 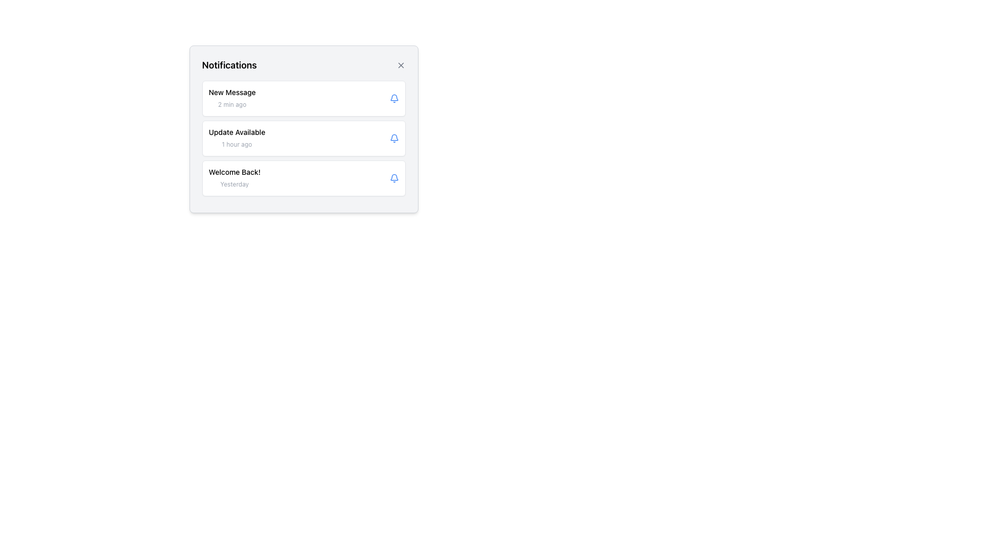 What do you see at coordinates (303, 129) in the screenshot?
I see `the title of the second notification card in the fixed notification panel, which has a light gray background and rounded corners` at bounding box center [303, 129].